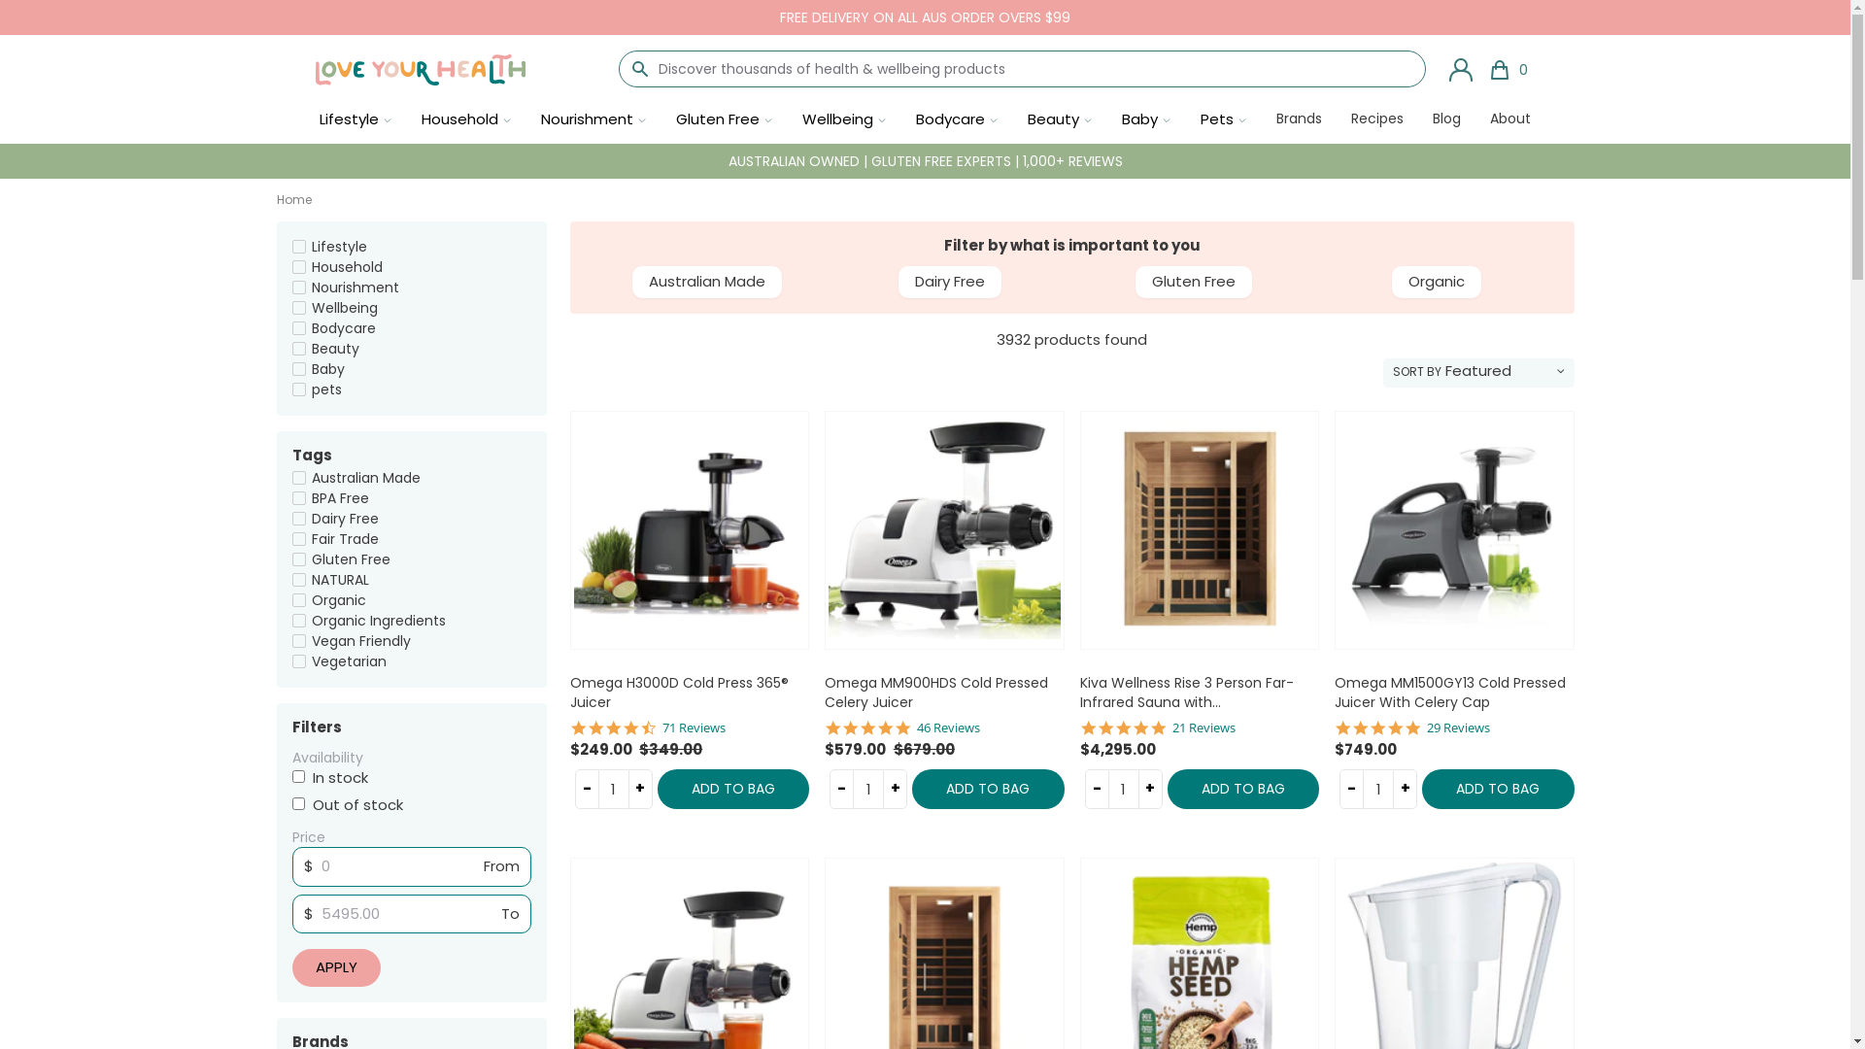 Image resolution: width=1865 pixels, height=1049 pixels. Describe the element at coordinates (1436, 282) in the screenshot. I see `'Organic'` at that location.